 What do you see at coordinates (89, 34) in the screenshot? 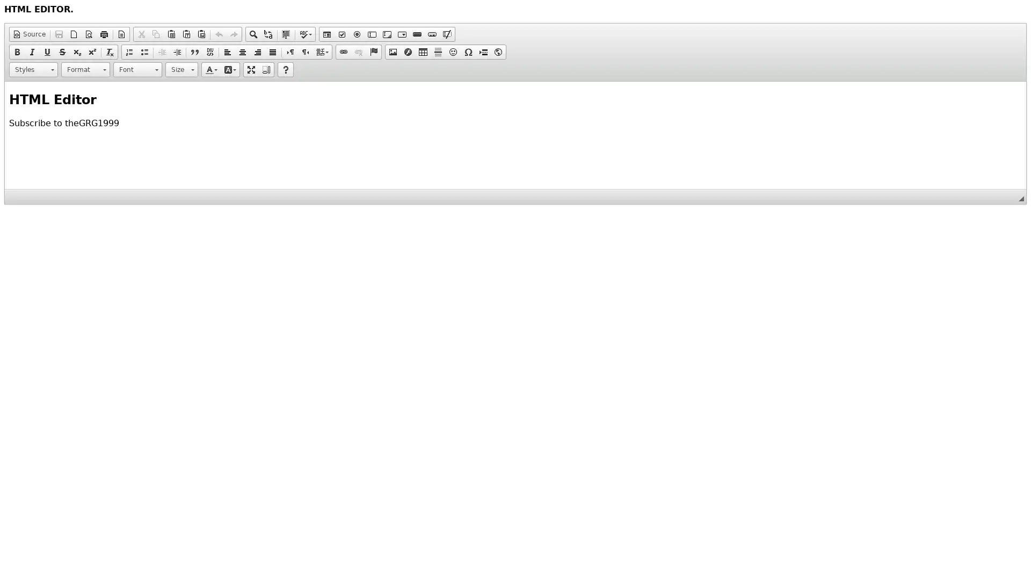
I see `Preview` at bounding box center [89, 34].